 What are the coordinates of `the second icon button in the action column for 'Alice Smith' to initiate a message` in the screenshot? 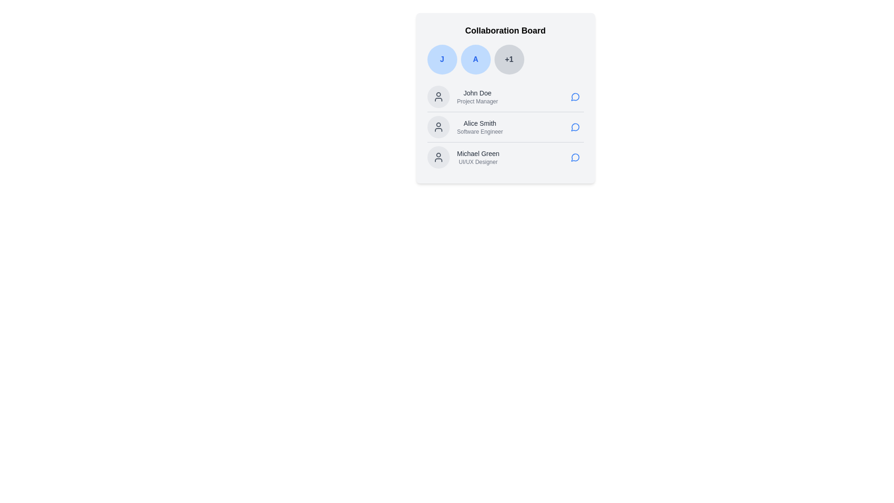 It's located at (575, 127).